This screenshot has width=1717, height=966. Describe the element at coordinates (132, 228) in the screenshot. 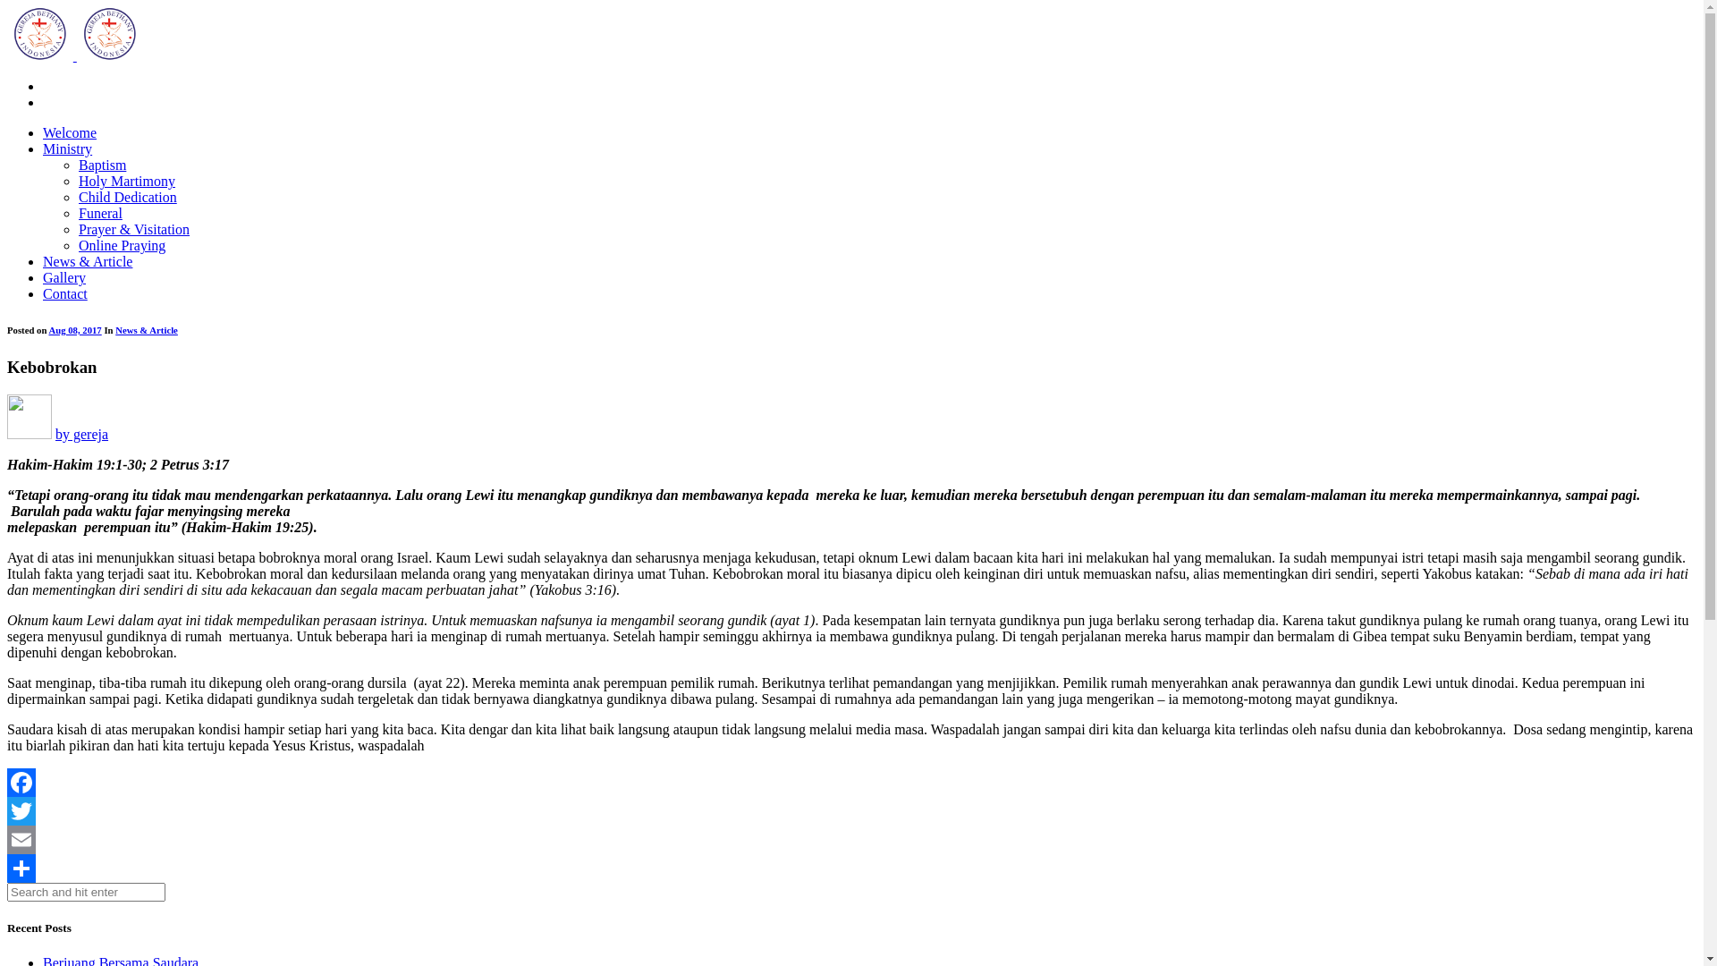

I see `'Prayer & Visitation'` at that location.